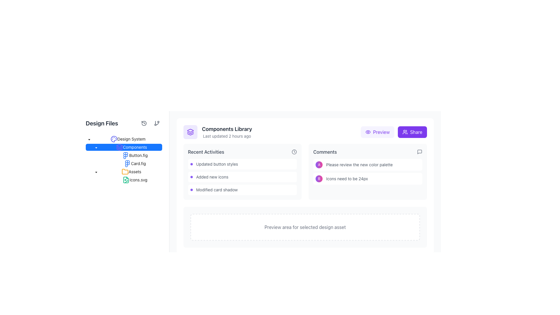 The image size is (560, 315). What do you see at coordinates (131, 139) in the screenshot?
I see `the label representing the 'Design System' tree node` at bounding box center [131, 139].